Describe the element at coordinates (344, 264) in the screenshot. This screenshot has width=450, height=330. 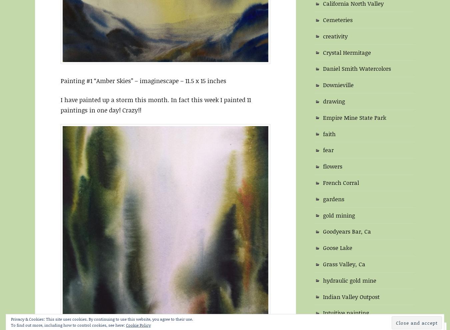
I see `'Grass Valley, Ca'` at that location.